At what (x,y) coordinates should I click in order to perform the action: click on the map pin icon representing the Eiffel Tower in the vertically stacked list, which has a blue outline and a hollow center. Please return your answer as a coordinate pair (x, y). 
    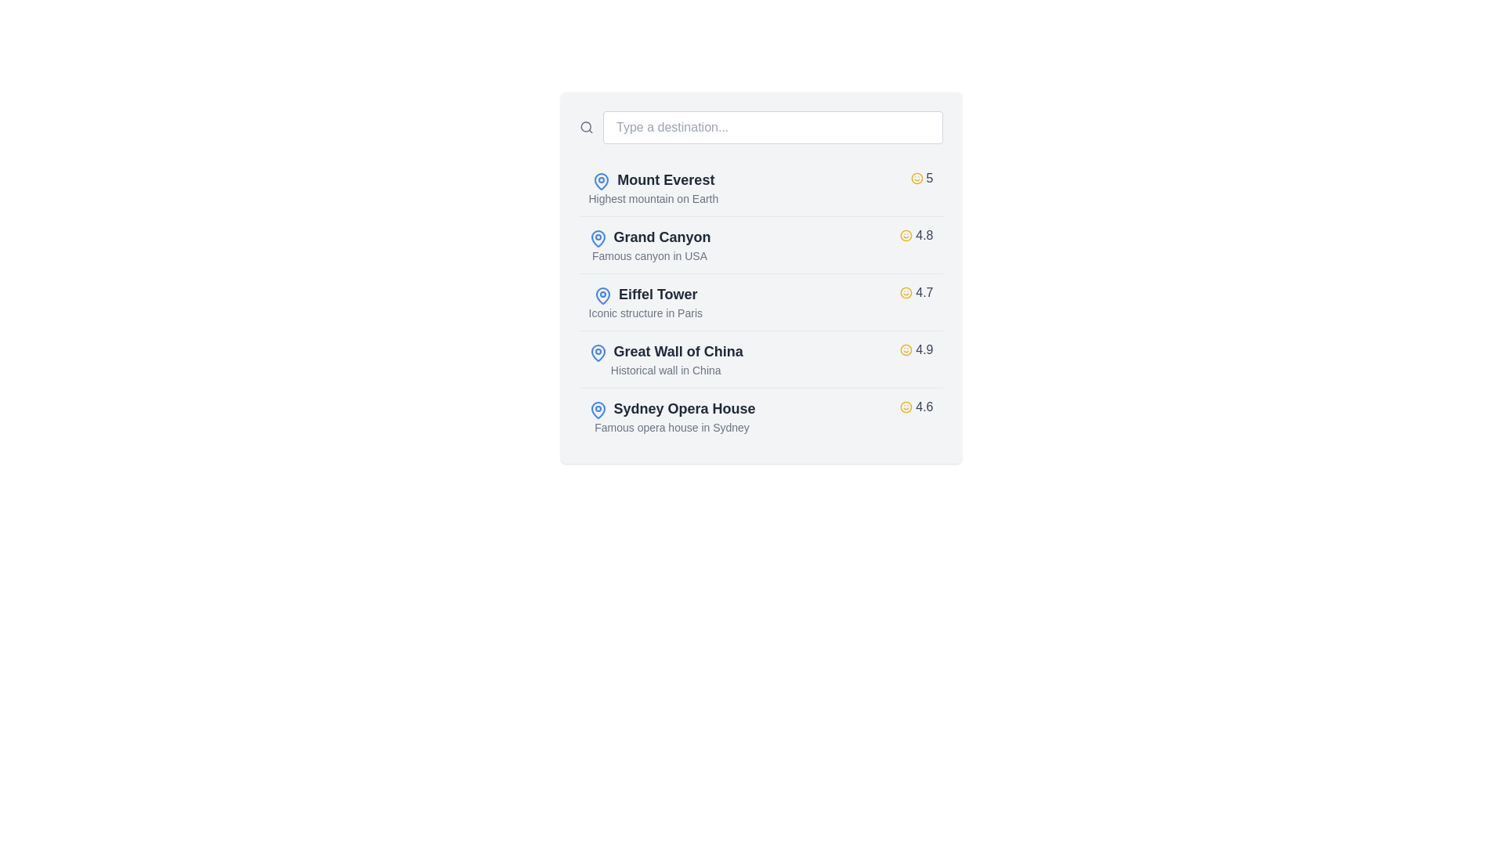
    Looking at the image, I should click on (602, 295).